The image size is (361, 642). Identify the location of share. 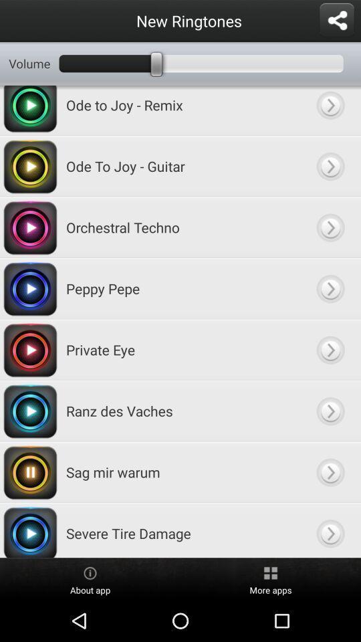
(336, 20).